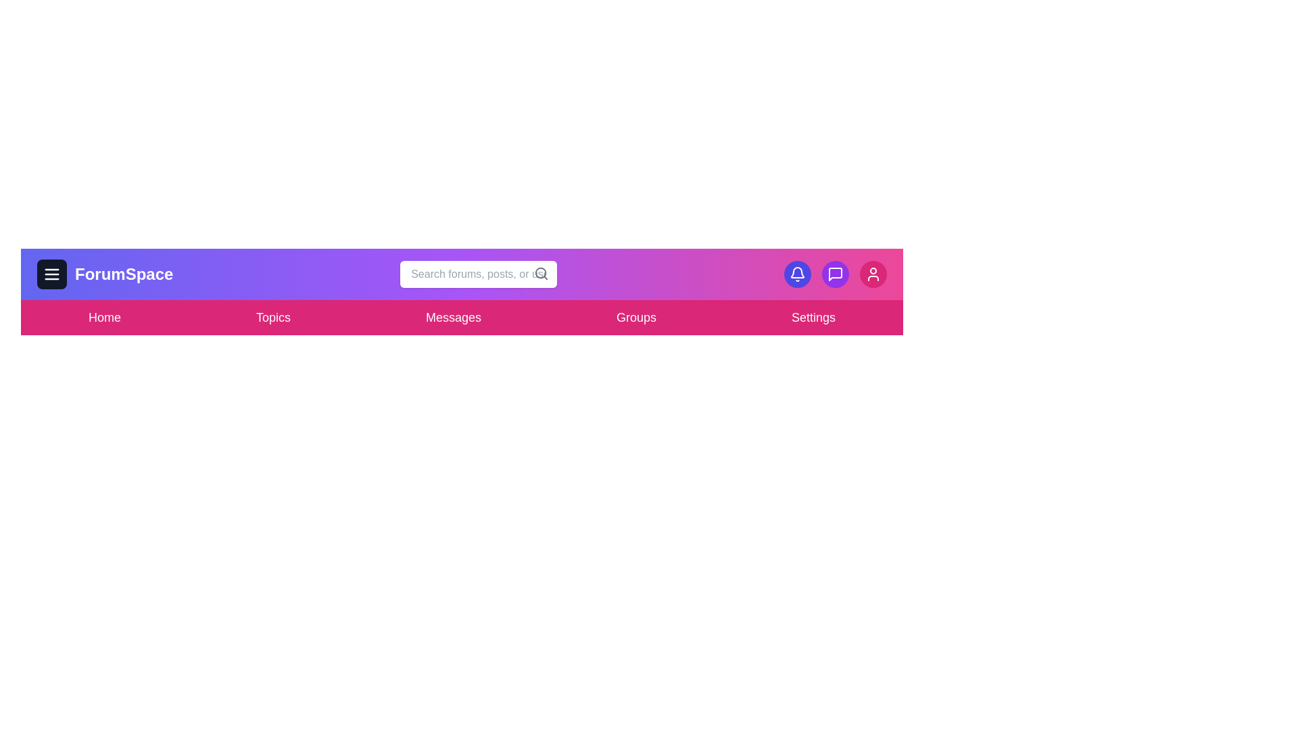 The image size is (1298, 730). What do you see at coordinates (103, 318) in the screenshot?
I see `the Home menu item to navigate to its section` at bounding box center [103, 318].